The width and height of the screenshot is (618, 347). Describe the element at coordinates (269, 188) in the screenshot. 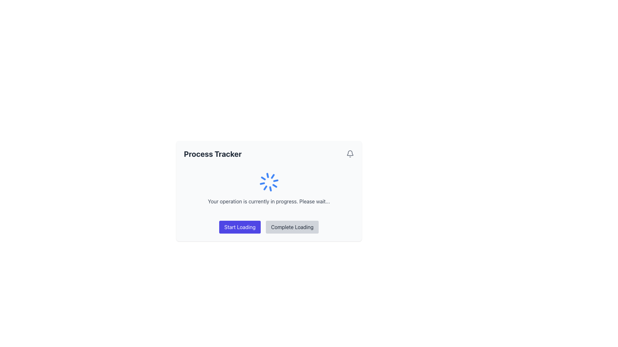

I see `the spinner animation in the 'Process Tracker' section which indicates that the operation is currently in progress` at that location.